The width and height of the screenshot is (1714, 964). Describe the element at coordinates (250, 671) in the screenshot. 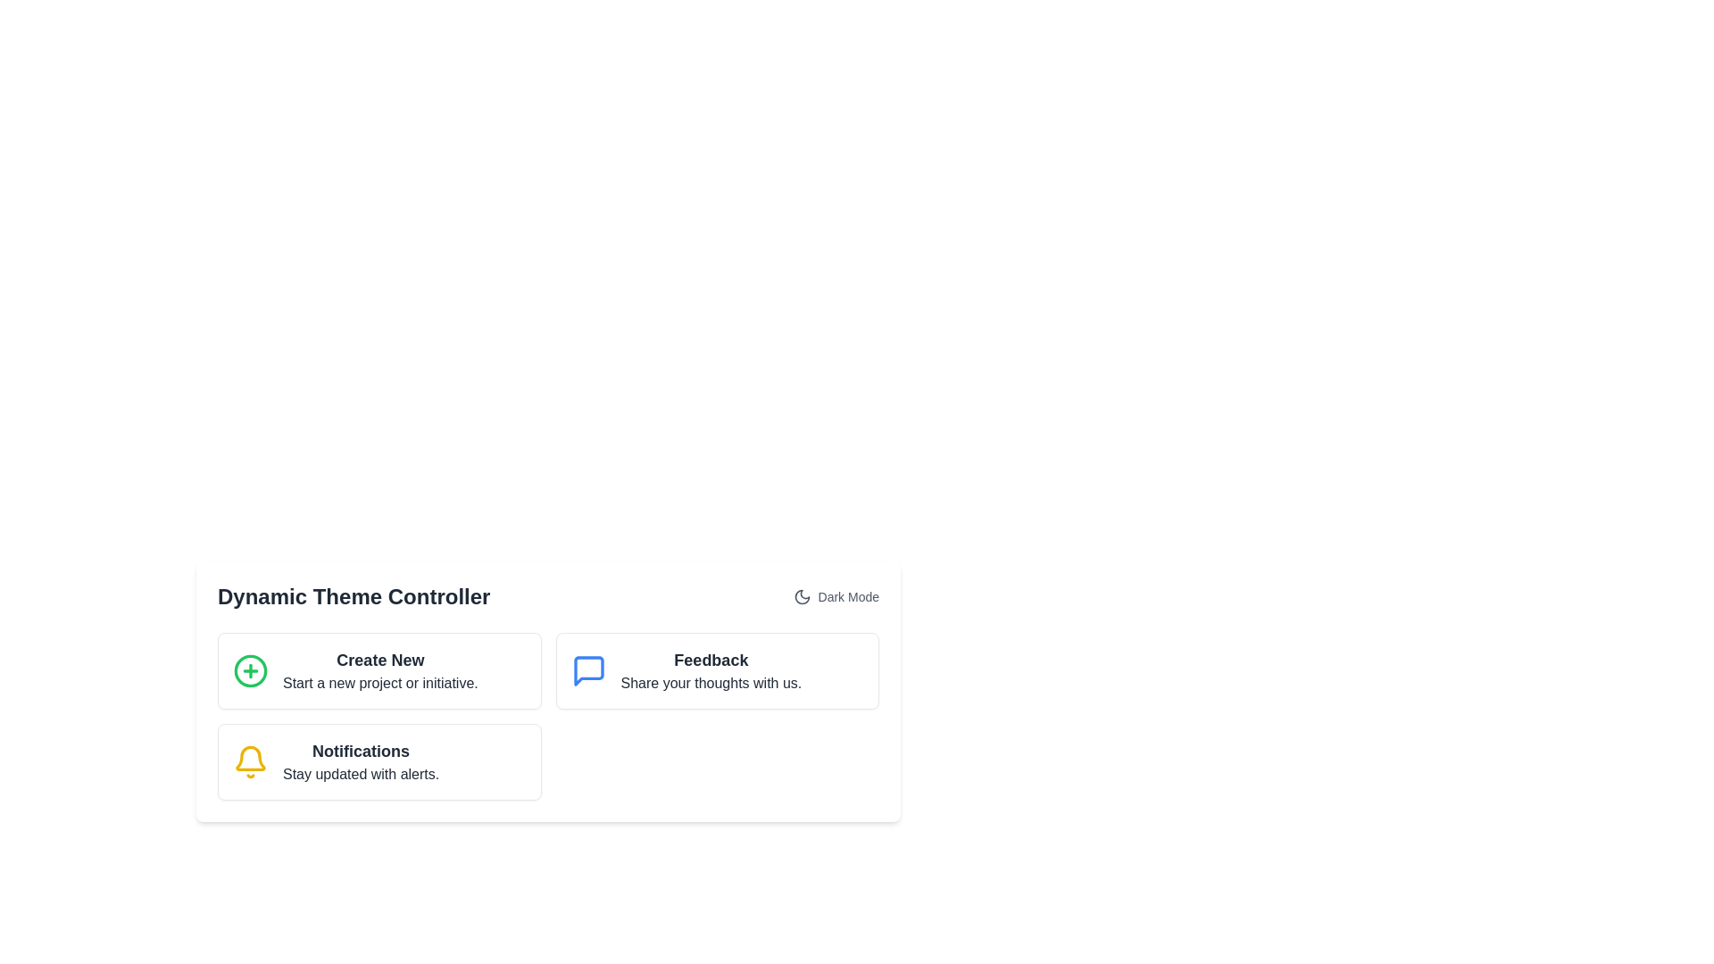

I see `the circular outline icon that indicates an add or create action, located to the left of the 'Create New' text` at that location.